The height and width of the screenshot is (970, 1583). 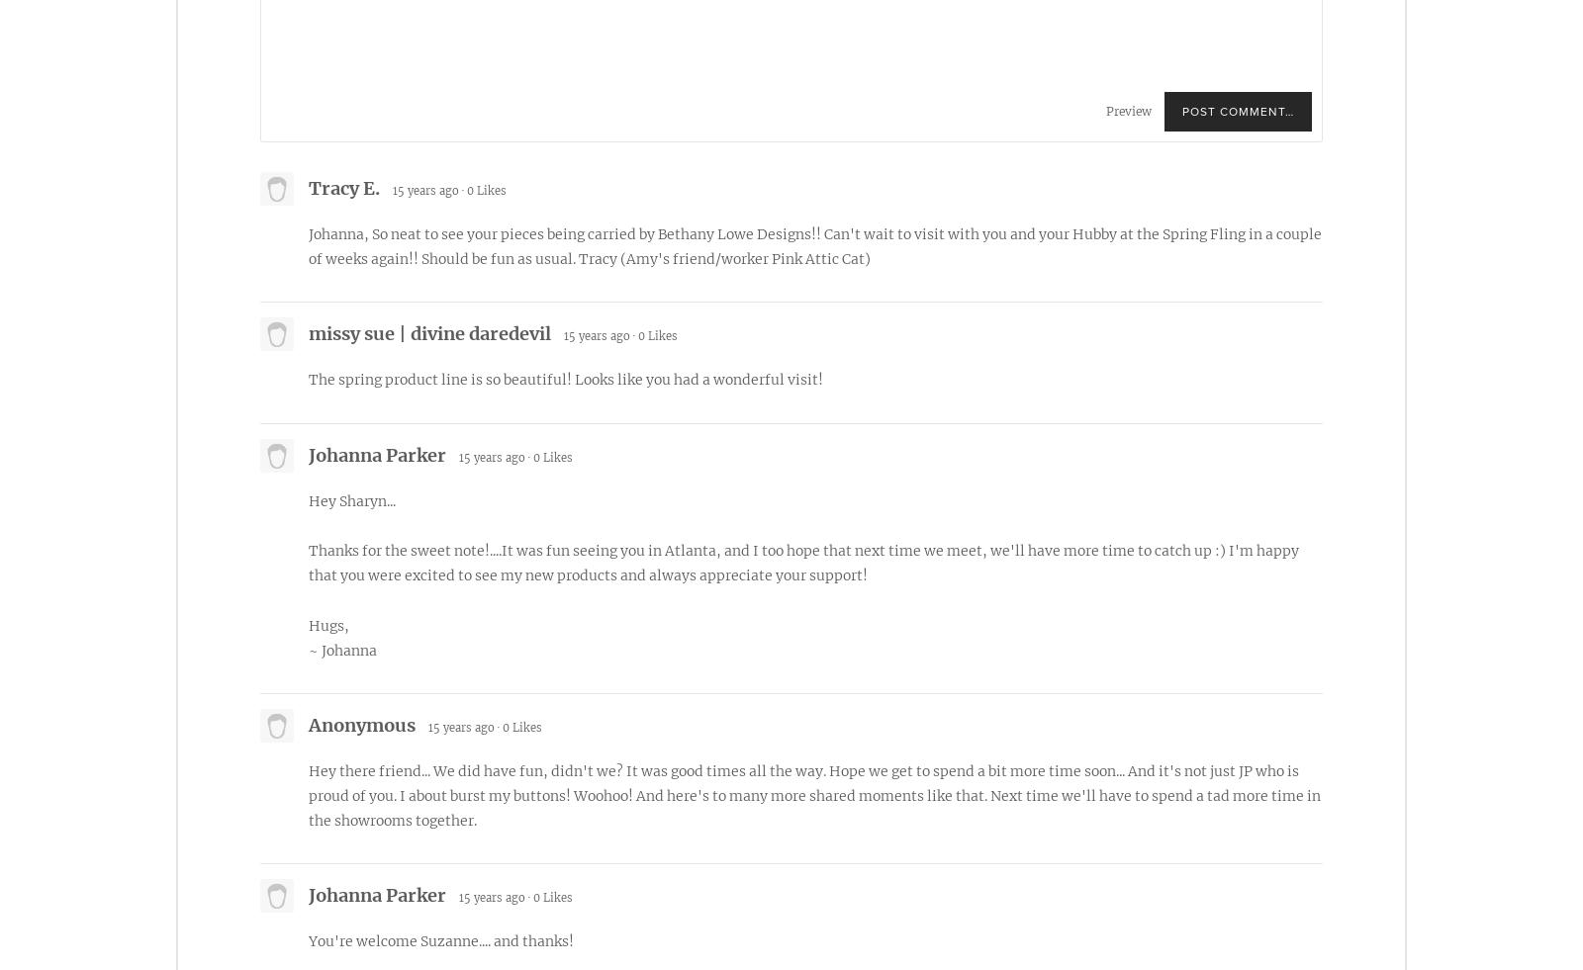 I want to click on 'The spring product line is so beautiful! Looks like you had a wonderful visit!', so click(x=565, y=378).